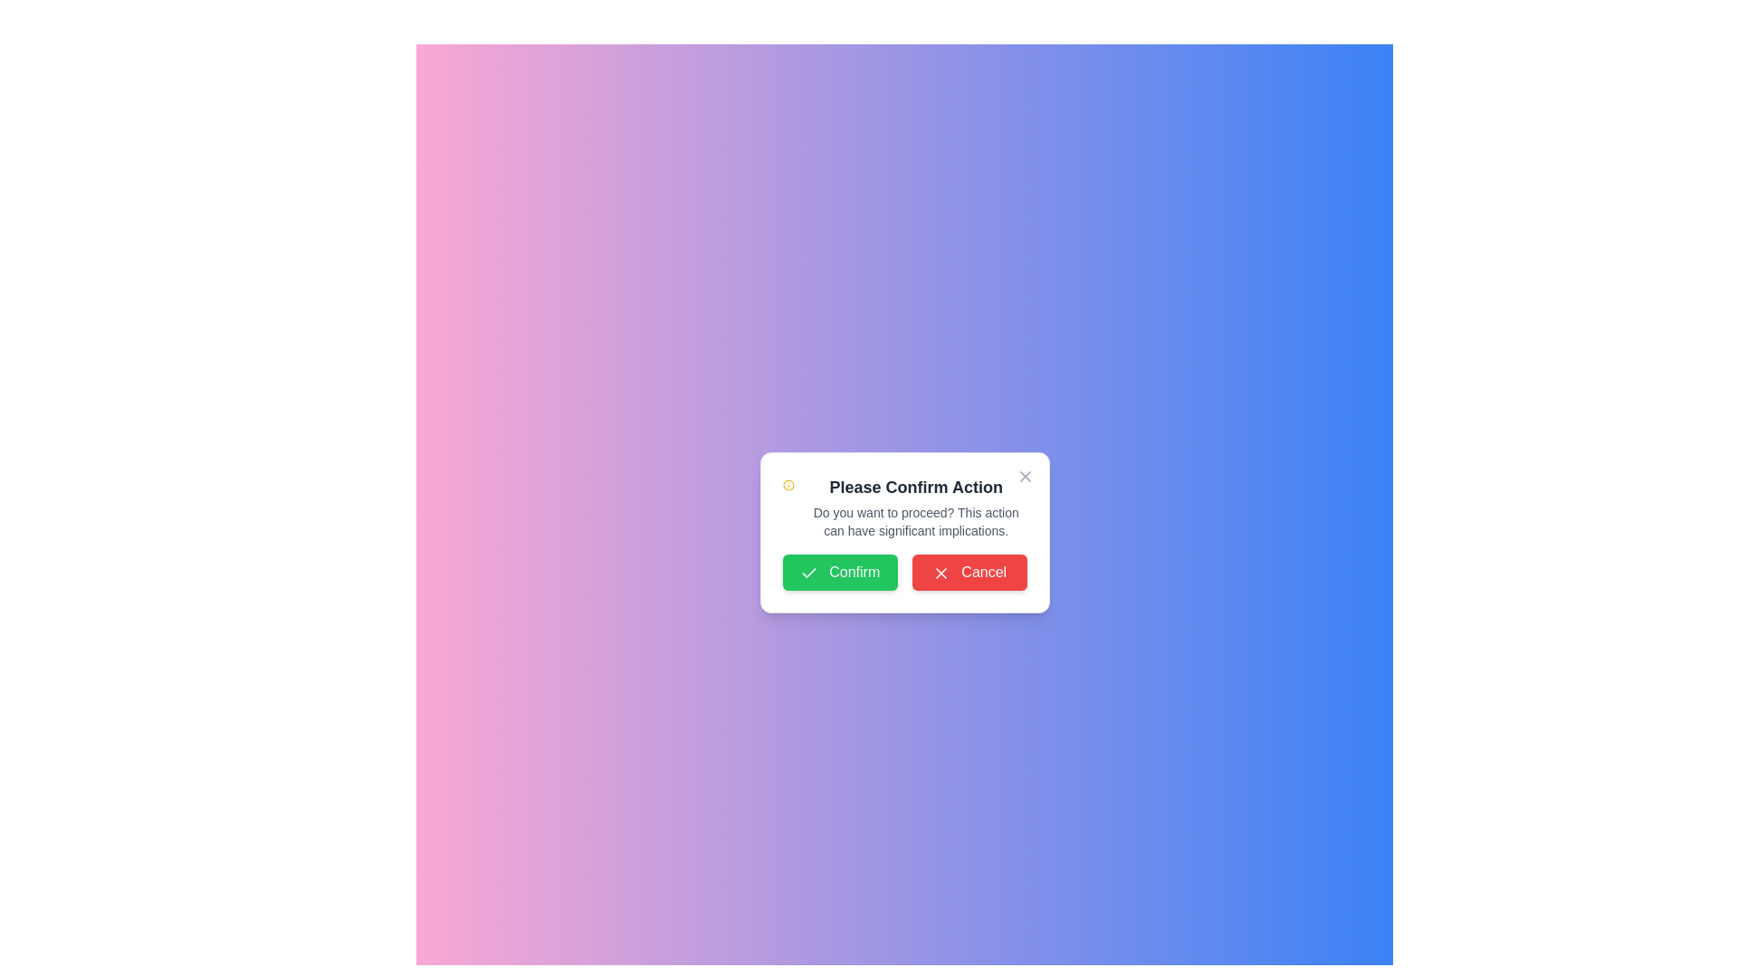 The width and height of the screenshot is (1738, 977). Describe the element at coordinates (838, 572) in the screenshot. I see `the green 'Confirm' button with rounded edges and a checkmark icon to observe hover effects` at that location.